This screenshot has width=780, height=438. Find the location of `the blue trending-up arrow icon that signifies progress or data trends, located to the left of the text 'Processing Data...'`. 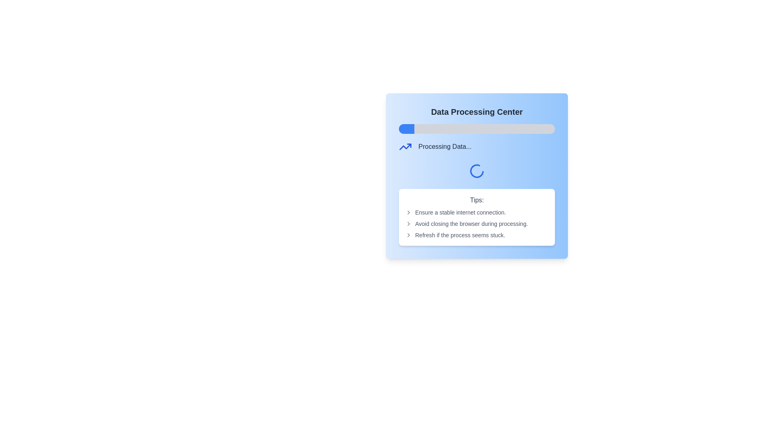

the blue trending-up arrow icon that signifies progress or data trends, located to the left of the text 'Processing Data...' is located at coordinates (405, 147).